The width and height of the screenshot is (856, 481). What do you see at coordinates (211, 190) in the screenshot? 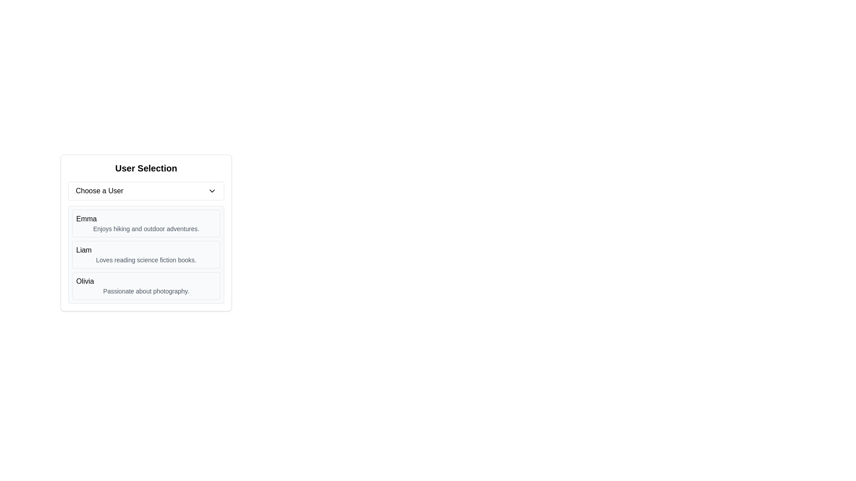
I see `the downward-facing chevron icon located on the far-right side of the 'Choose a User' button` at bounding box center [211, 190].